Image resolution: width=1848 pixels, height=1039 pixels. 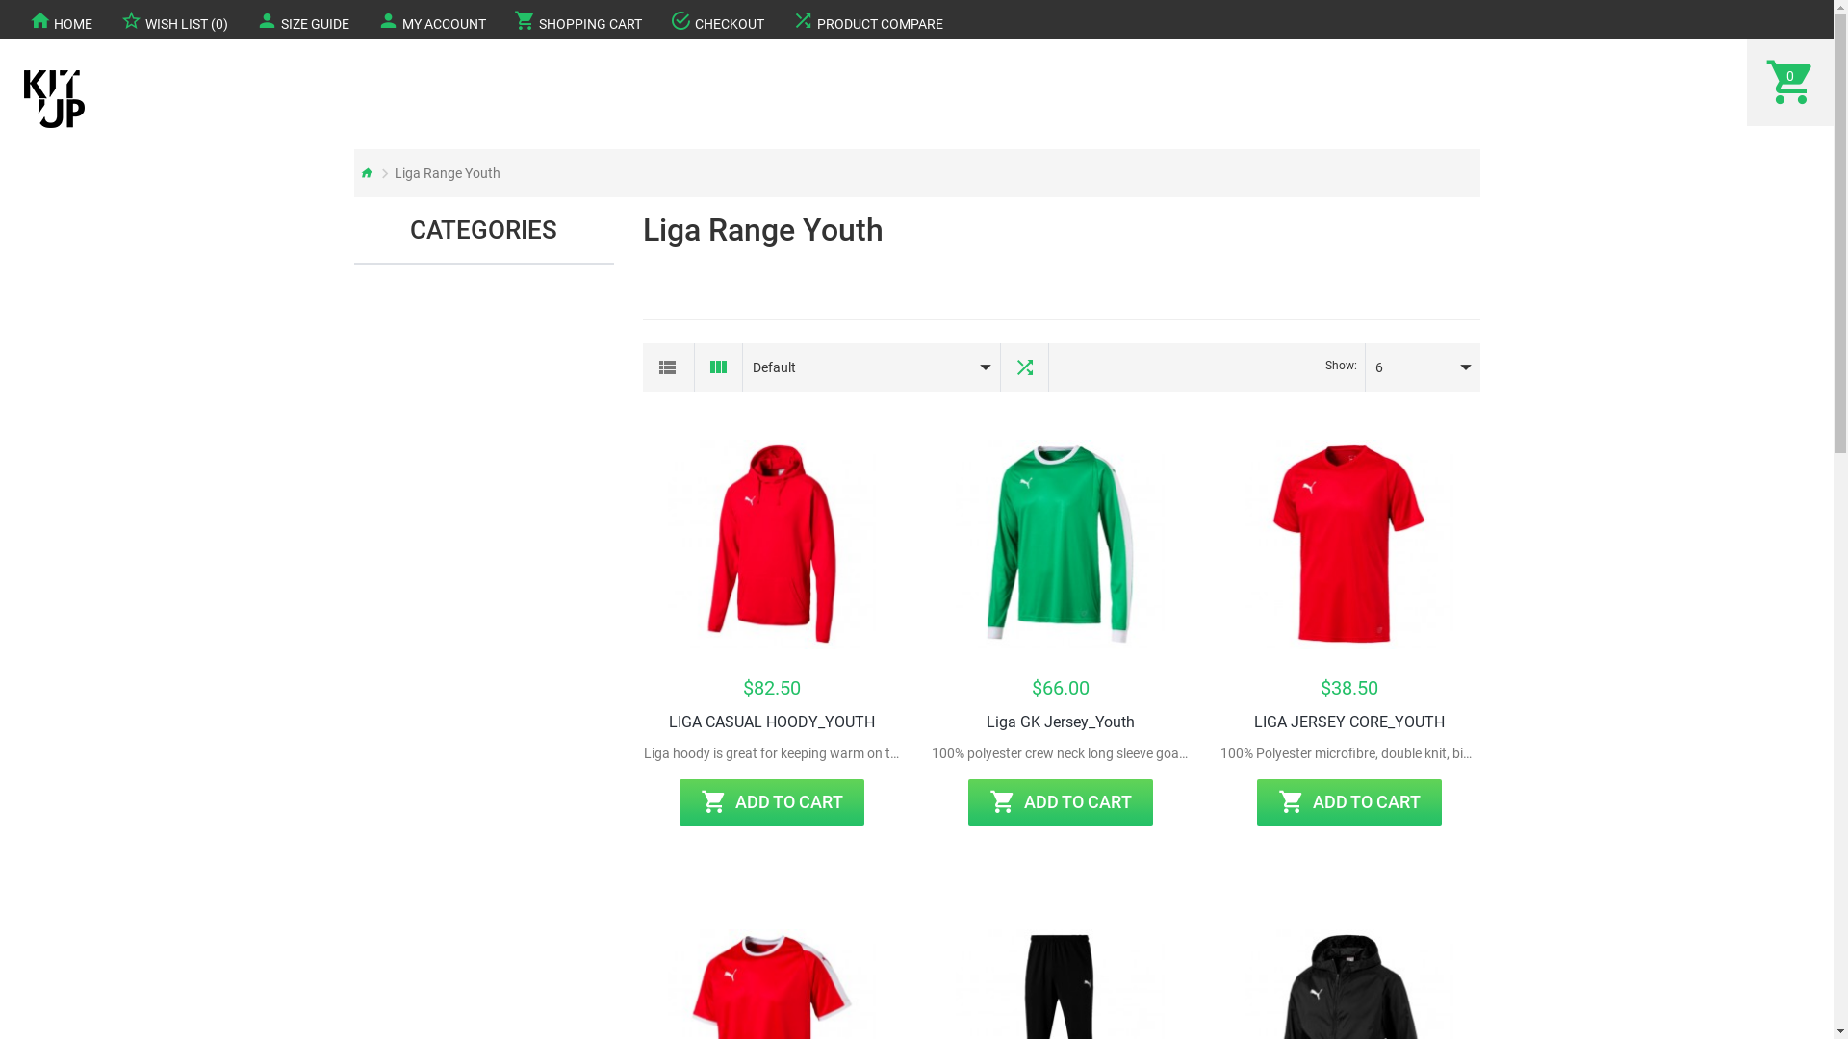 What do you see at coordinates (60, 19) in the screenshot?
I see `'HOME'` at bounding box center [60, 19].